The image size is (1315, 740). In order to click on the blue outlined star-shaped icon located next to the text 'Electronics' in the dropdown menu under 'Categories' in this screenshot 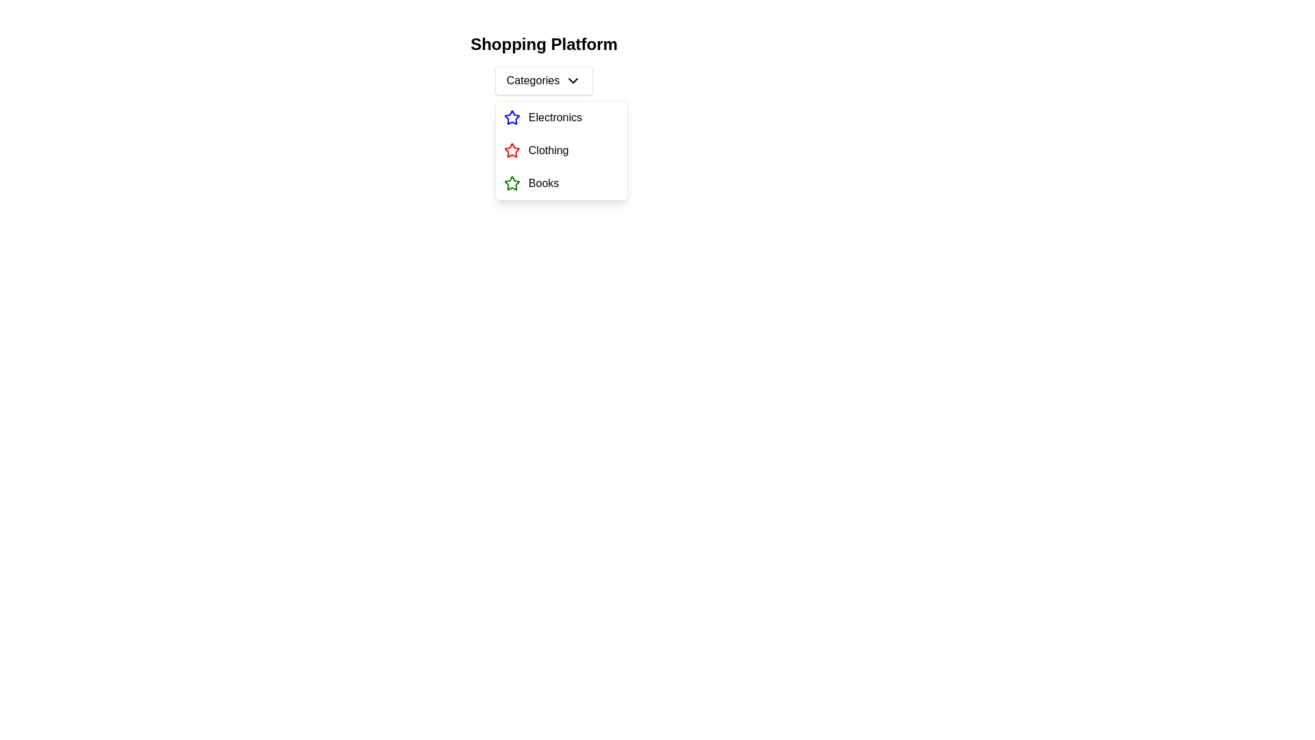, I will do `click(511, 117)`.